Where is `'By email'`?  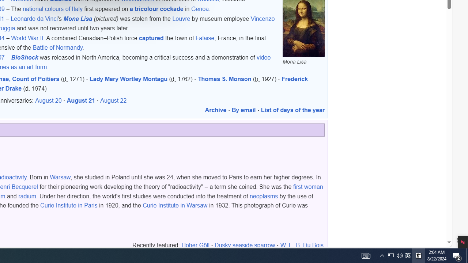
'By email' is located at coordinates (244, 110).